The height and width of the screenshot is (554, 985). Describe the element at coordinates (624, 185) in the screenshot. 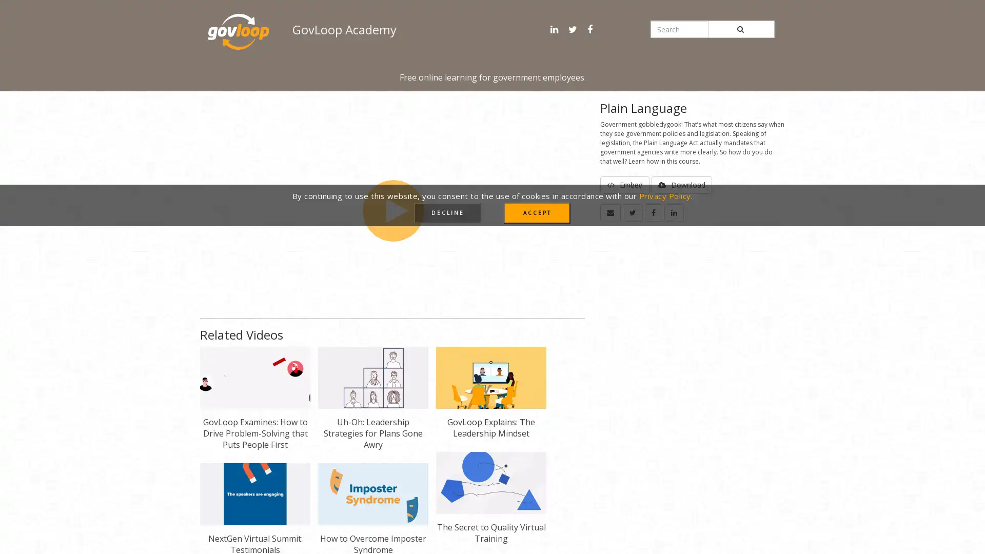

I see `Embed` at that location.